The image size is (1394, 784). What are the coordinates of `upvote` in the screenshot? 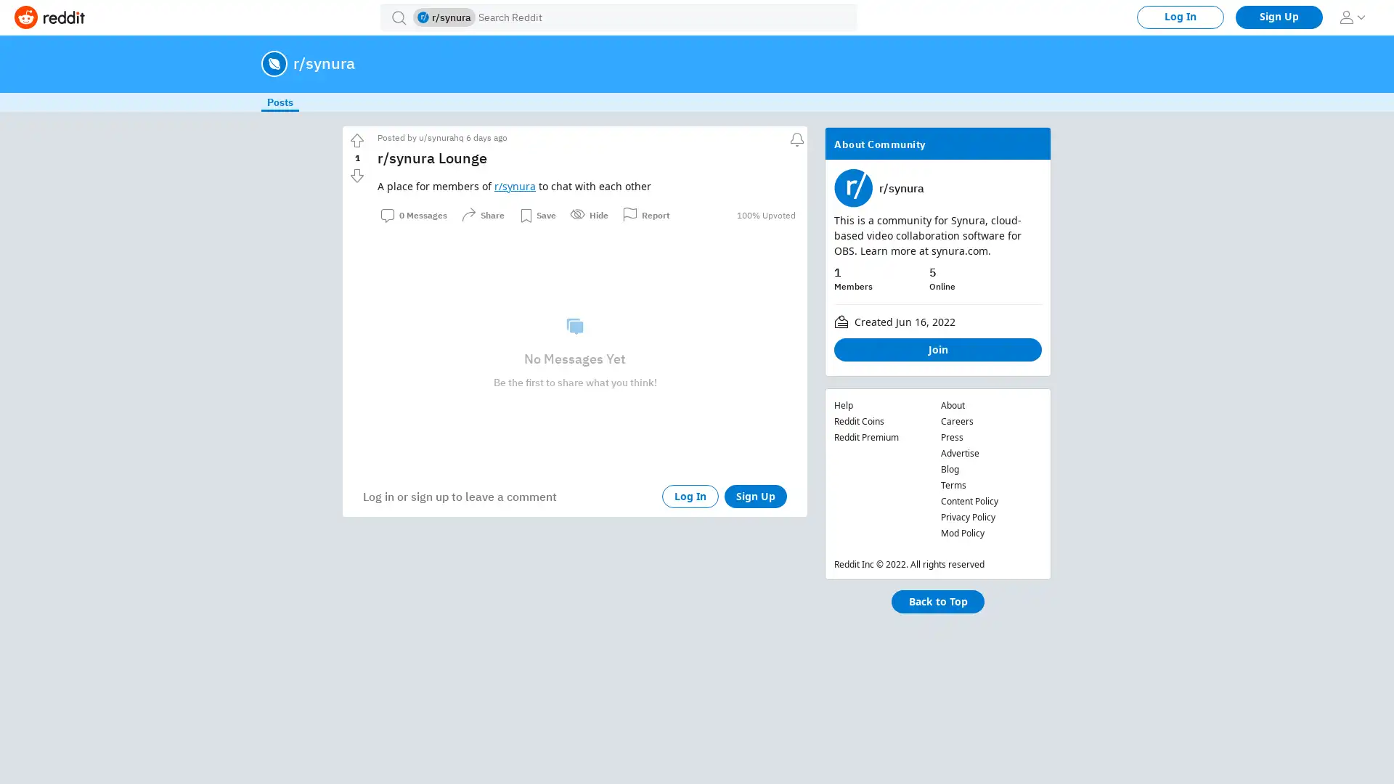 It's located at (356, 140).